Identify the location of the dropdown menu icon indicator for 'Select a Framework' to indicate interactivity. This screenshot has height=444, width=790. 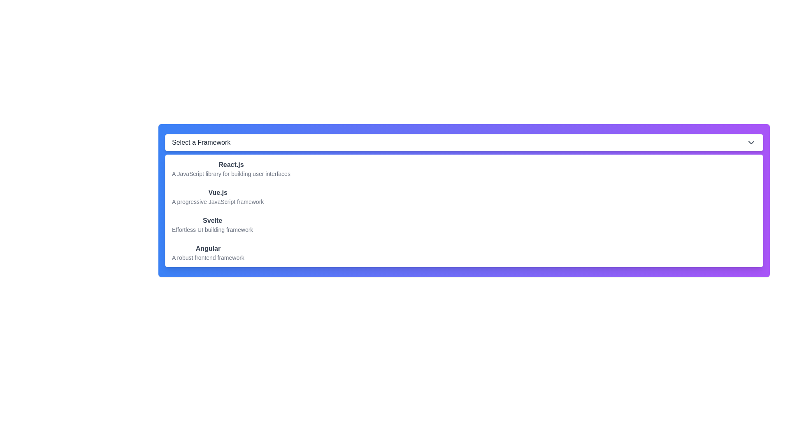
(751, 142).